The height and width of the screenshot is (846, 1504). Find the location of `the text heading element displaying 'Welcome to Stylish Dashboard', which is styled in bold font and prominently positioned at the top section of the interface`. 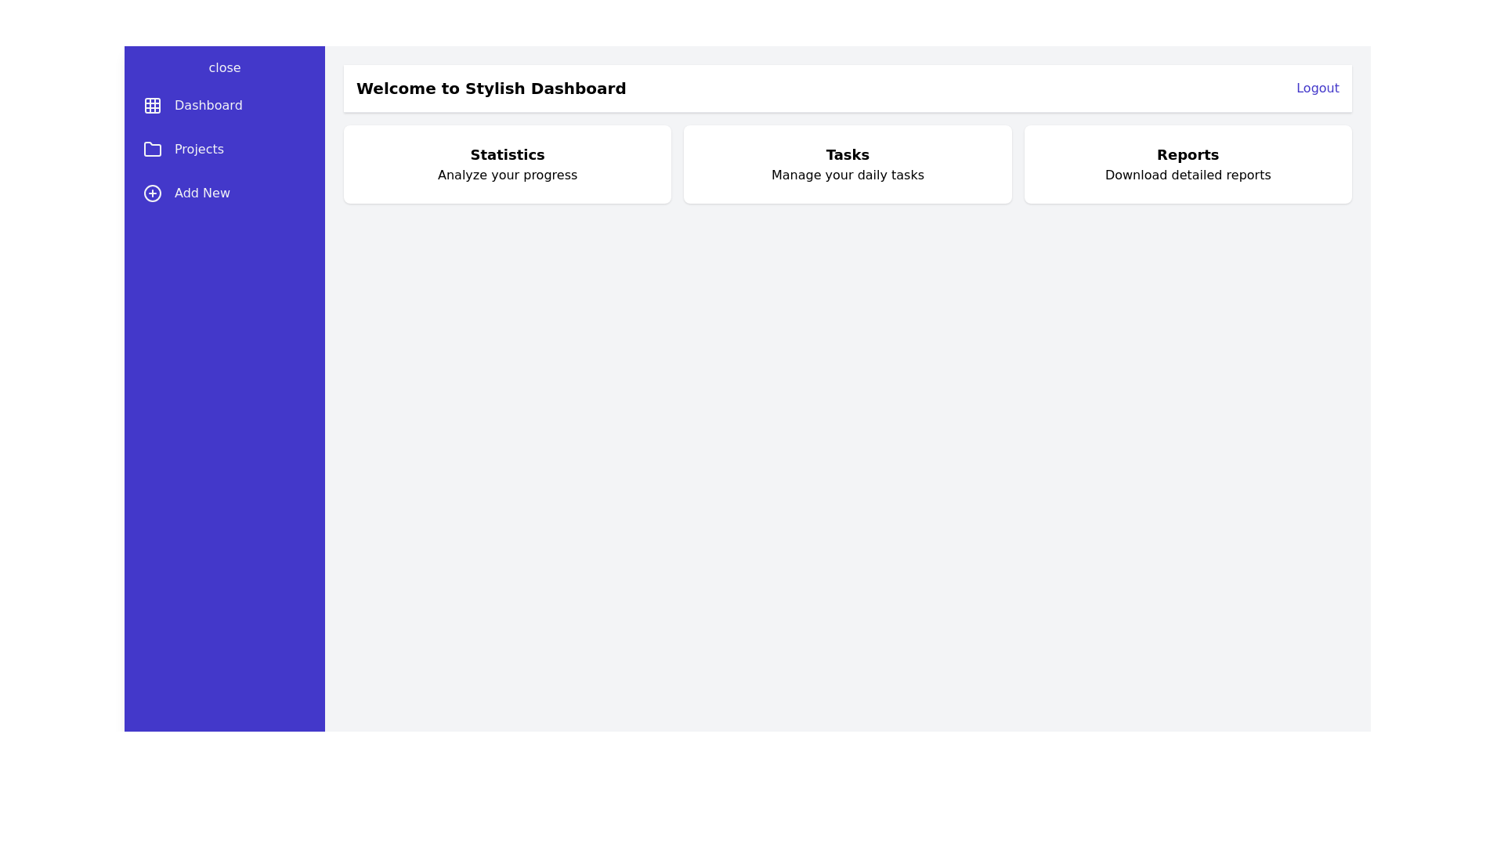

the text heading element displaying 'Welcome to Stylish Dashboard', which is styled in bold font and prominently positioned at the top section of the interface is located at coordinates (490, 88).